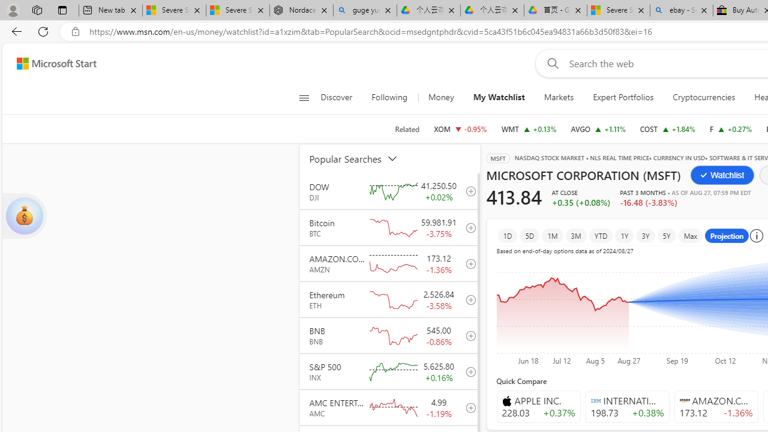 Image resolution: width=768 pixels, height=432 pixels. What do you see at coordinates (558, 97) in the screenshot?
I see `'Markets'` at bounding box center [558, 97].